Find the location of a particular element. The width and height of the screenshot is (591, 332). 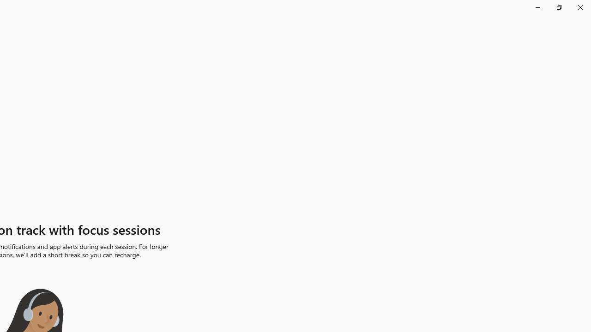

'Minimize Clock' is located at coordinates (537, 7).